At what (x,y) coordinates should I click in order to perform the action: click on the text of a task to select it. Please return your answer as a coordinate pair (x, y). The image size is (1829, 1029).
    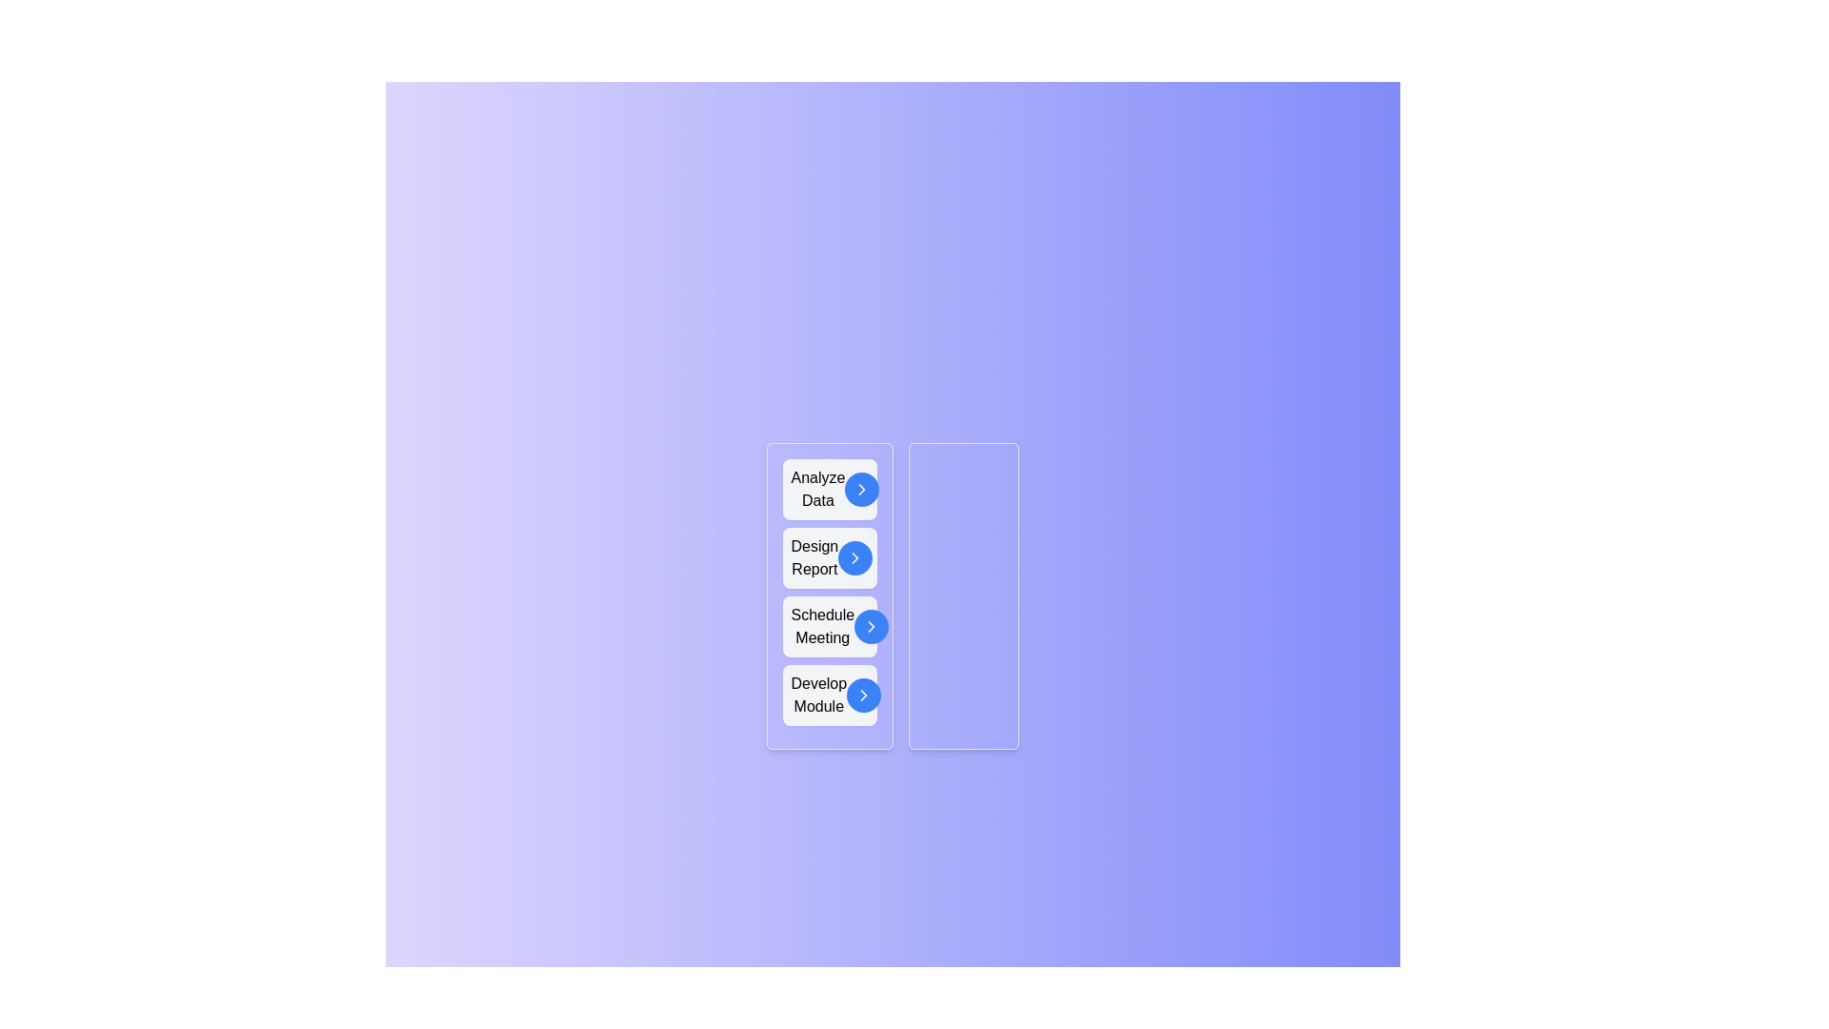
    Looking at the image, I should click on (817, 488).